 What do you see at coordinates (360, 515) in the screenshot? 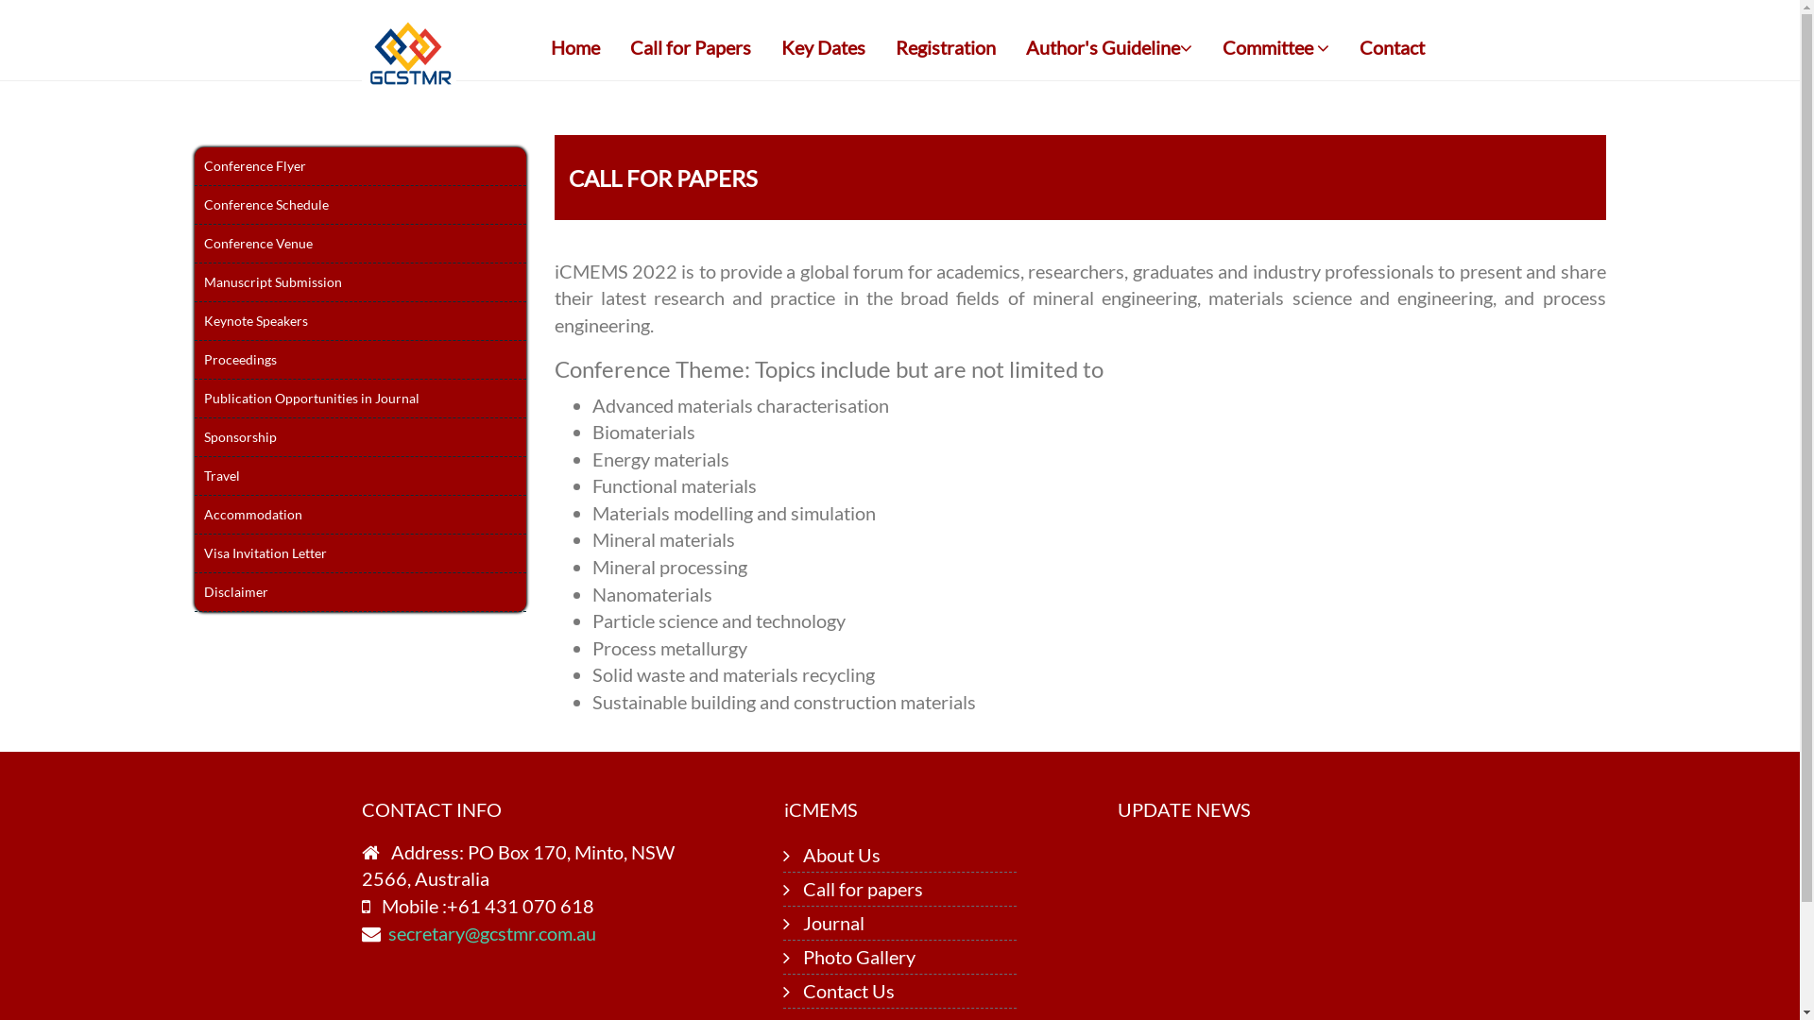
I see `'Accommodation'` at bounding box center [360, 515].